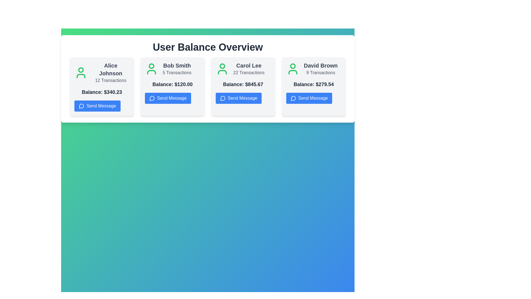  I want to click on the circular blue speech bubble icon within the 'Send Message' button under Carol Lee's profile card, so click(223, 98).